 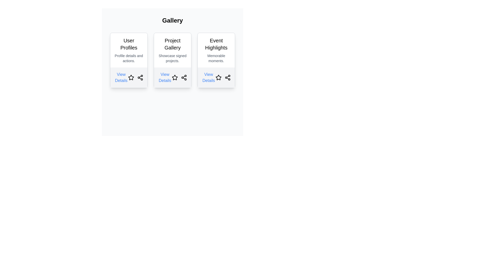 I want to click on the text label that reads 'Showcase signed projects.' located within the 'Project Gallery' section of the card design, so click(x=172, y=58).